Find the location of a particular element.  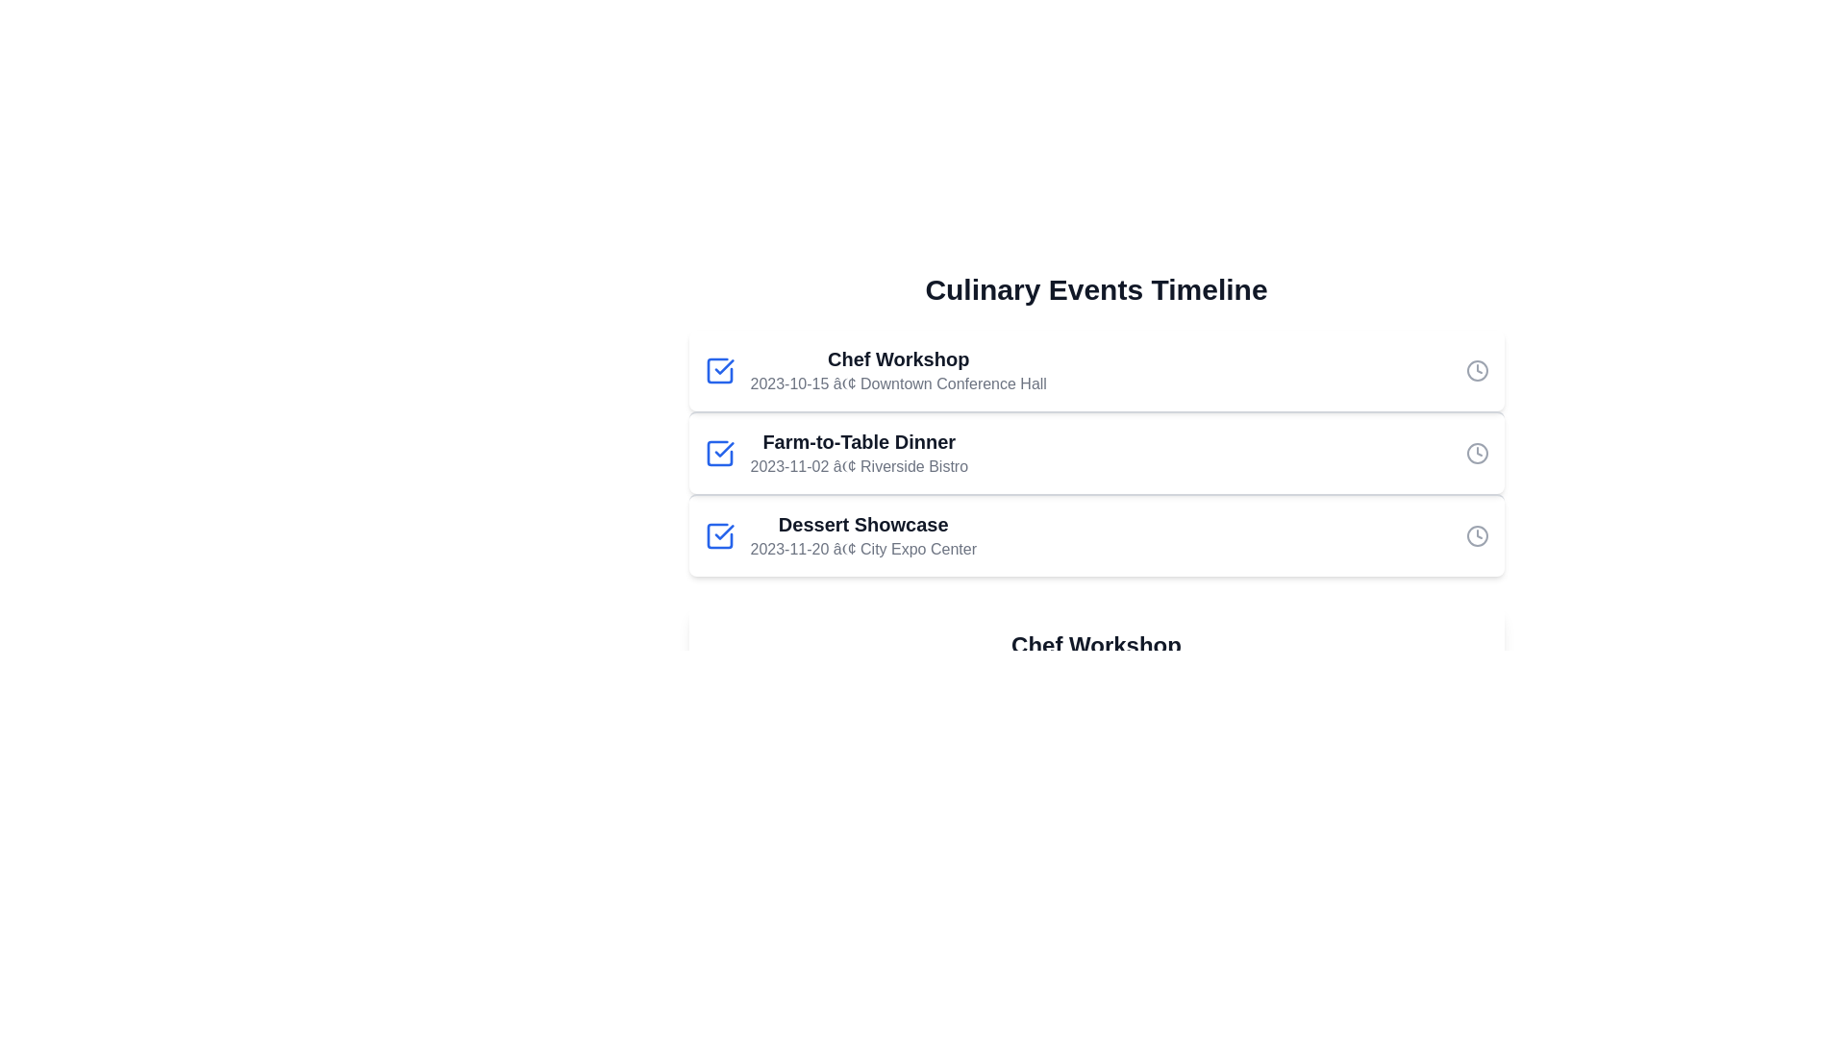

the 'Farm-to-Table Dinner' text block to see more details, which is the second event in the 'Culinary Events Timeline' positioned between 'Chef Workshop' and 'Dessert Showcase' is located at coordinates (858, 453).